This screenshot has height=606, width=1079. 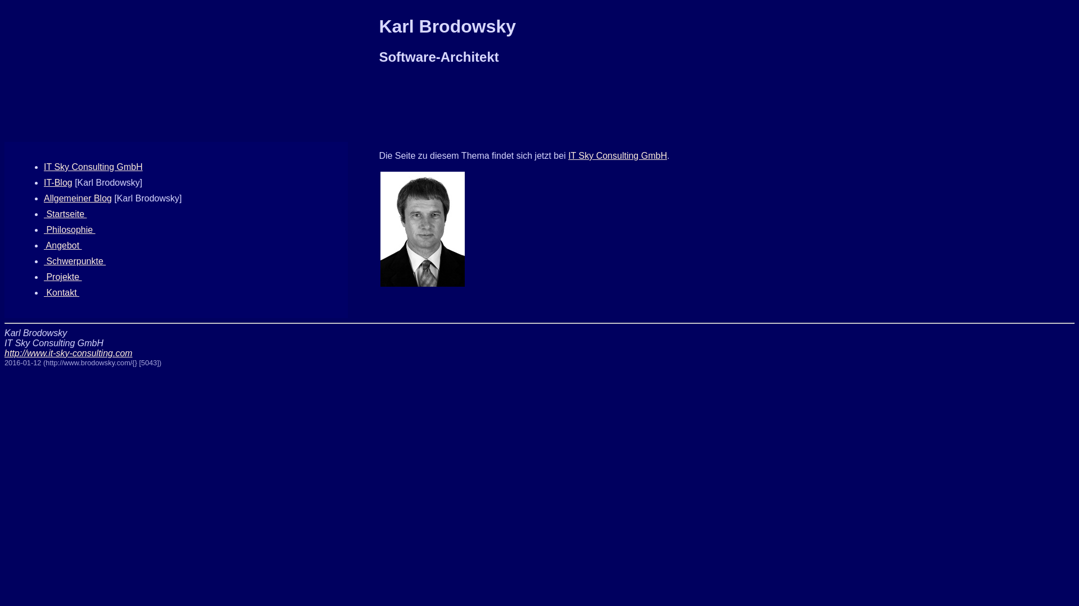 What do you see at coordinates (617, 155) in the screenshot?
I see `'IT Sky Consulting GmbH'` at bounding box center [617, 155].